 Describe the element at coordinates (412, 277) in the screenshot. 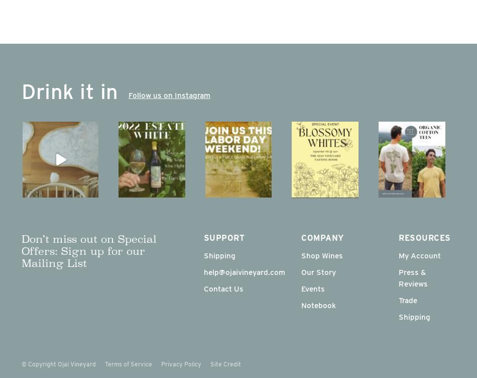

I see `'Press & Reviews'` at that location.